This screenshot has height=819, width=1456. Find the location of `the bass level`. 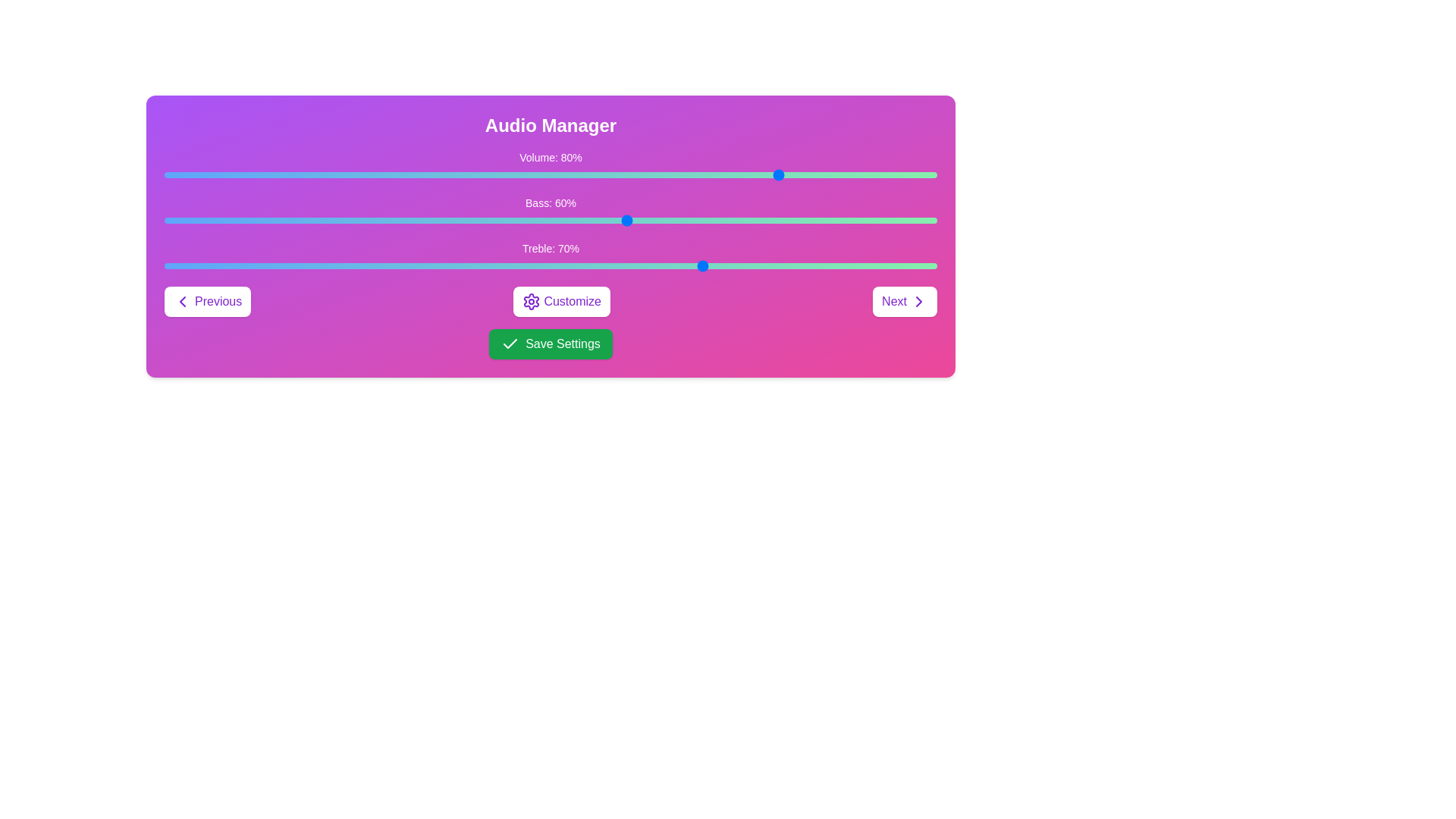

the bass level is located at coordinates (704, 220).